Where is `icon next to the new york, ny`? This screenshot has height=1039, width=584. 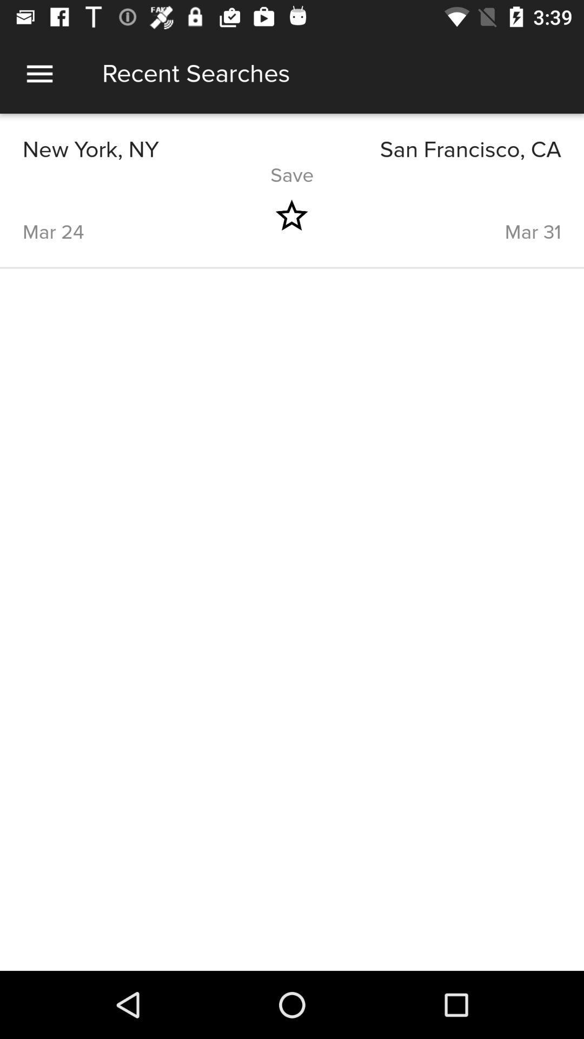 icon next to the new york, ny is located at coordinates (426, 149).